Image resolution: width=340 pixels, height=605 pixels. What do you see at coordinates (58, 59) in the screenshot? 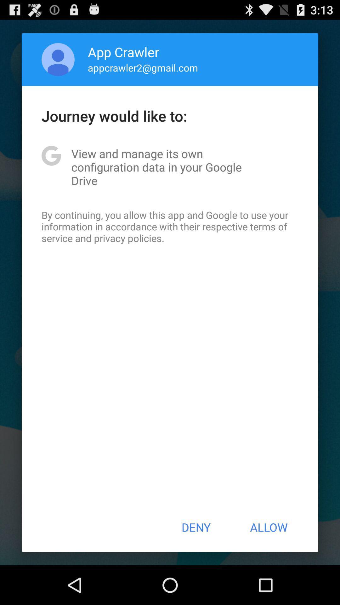
I see `app next to the app crawler` at bounding box center [58, 59].